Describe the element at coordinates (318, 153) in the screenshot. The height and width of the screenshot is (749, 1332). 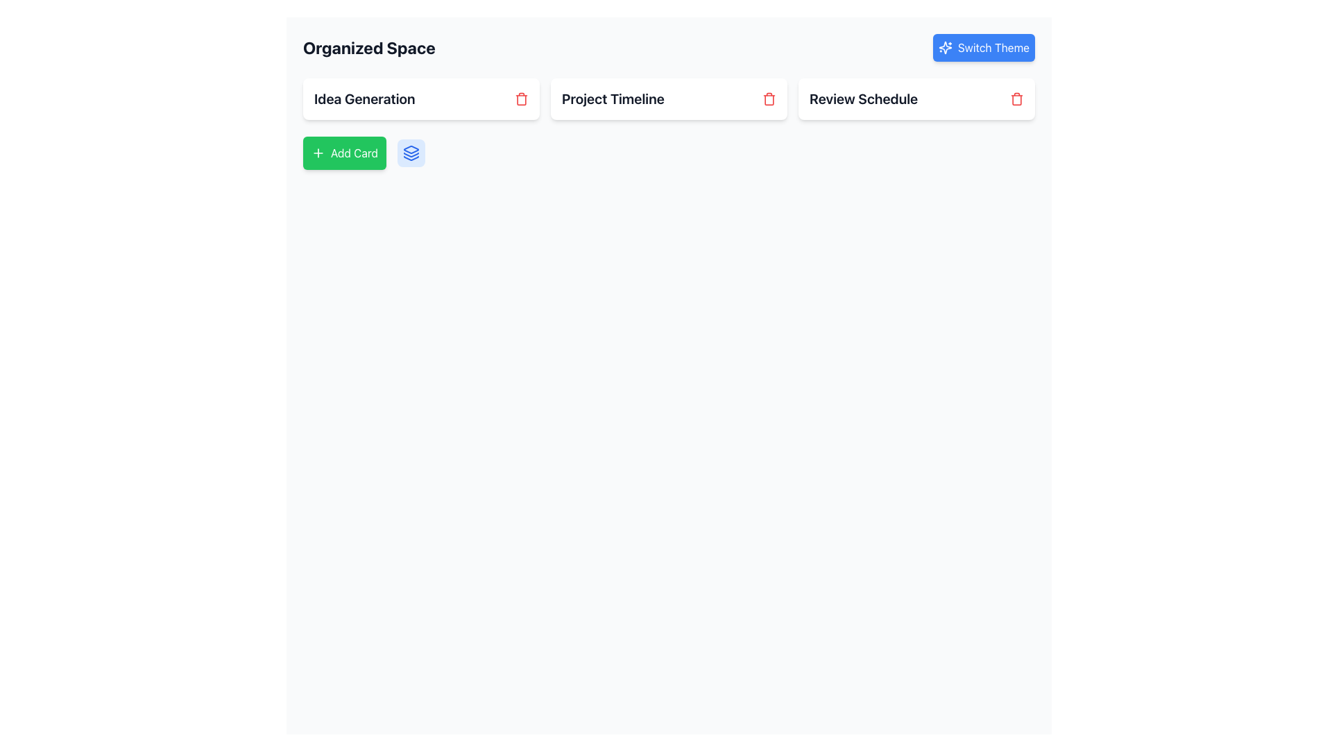
I see `the 'Add Card' button icon, which is a green button with a plus sign indicating the action of adding a new card or item, located in the upper-left quadrant of the interface` at that location.